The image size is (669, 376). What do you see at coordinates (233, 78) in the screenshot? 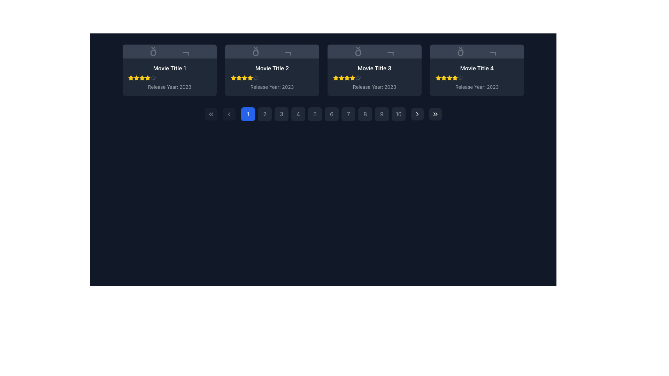
I see `the yellow star icon with a black border` at bounding box center [233, 78].